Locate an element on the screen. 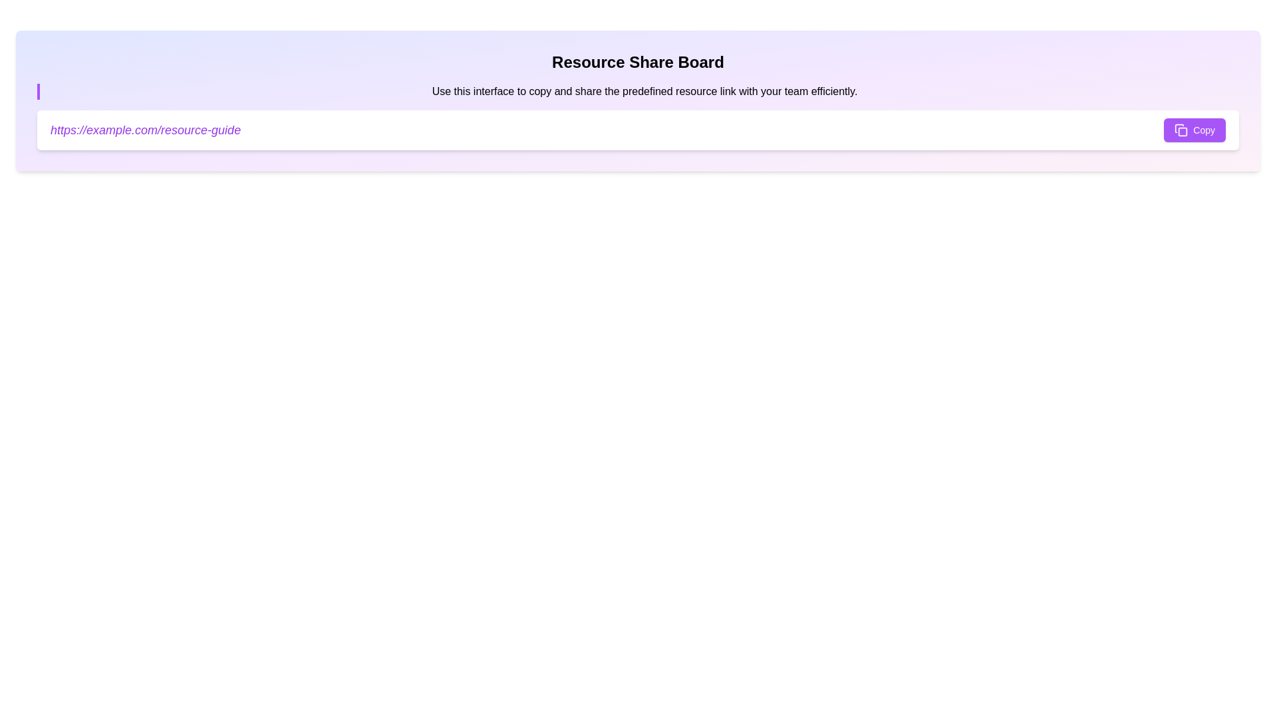  textual link labeled 'https://example.com/resource-guide' which is displayed in a large, italicized purple font and positioned to the extreme left of the 'Copy' button is located at coordinates (146, 130).